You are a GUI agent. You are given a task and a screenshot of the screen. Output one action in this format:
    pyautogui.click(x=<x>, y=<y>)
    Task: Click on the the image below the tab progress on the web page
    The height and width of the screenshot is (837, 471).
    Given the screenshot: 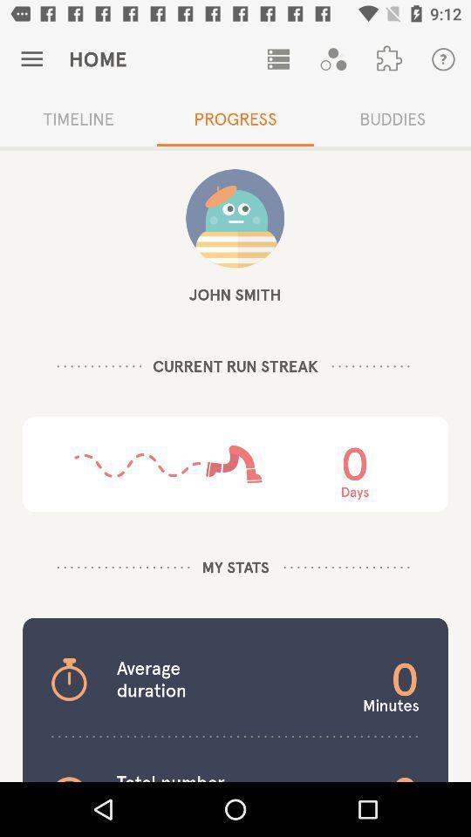 What is the action you would take?
    pyautogui.click(x=235, y=217)
    